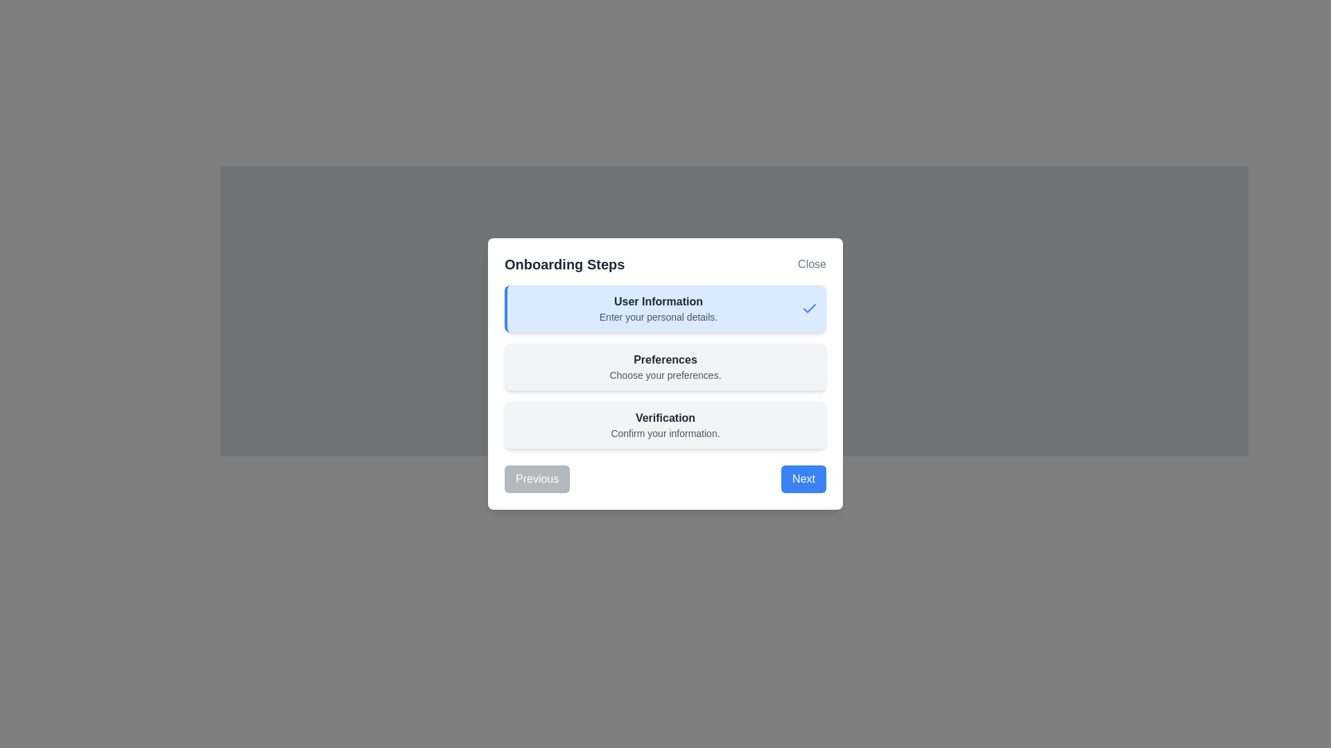 This screenshot has width=1331, height=748. Describe the element at coordinates (658, 301) in the screenshot. I see `the bold, dark text label reading 'User Information' at the top of the onboarding dialog box` at that location.